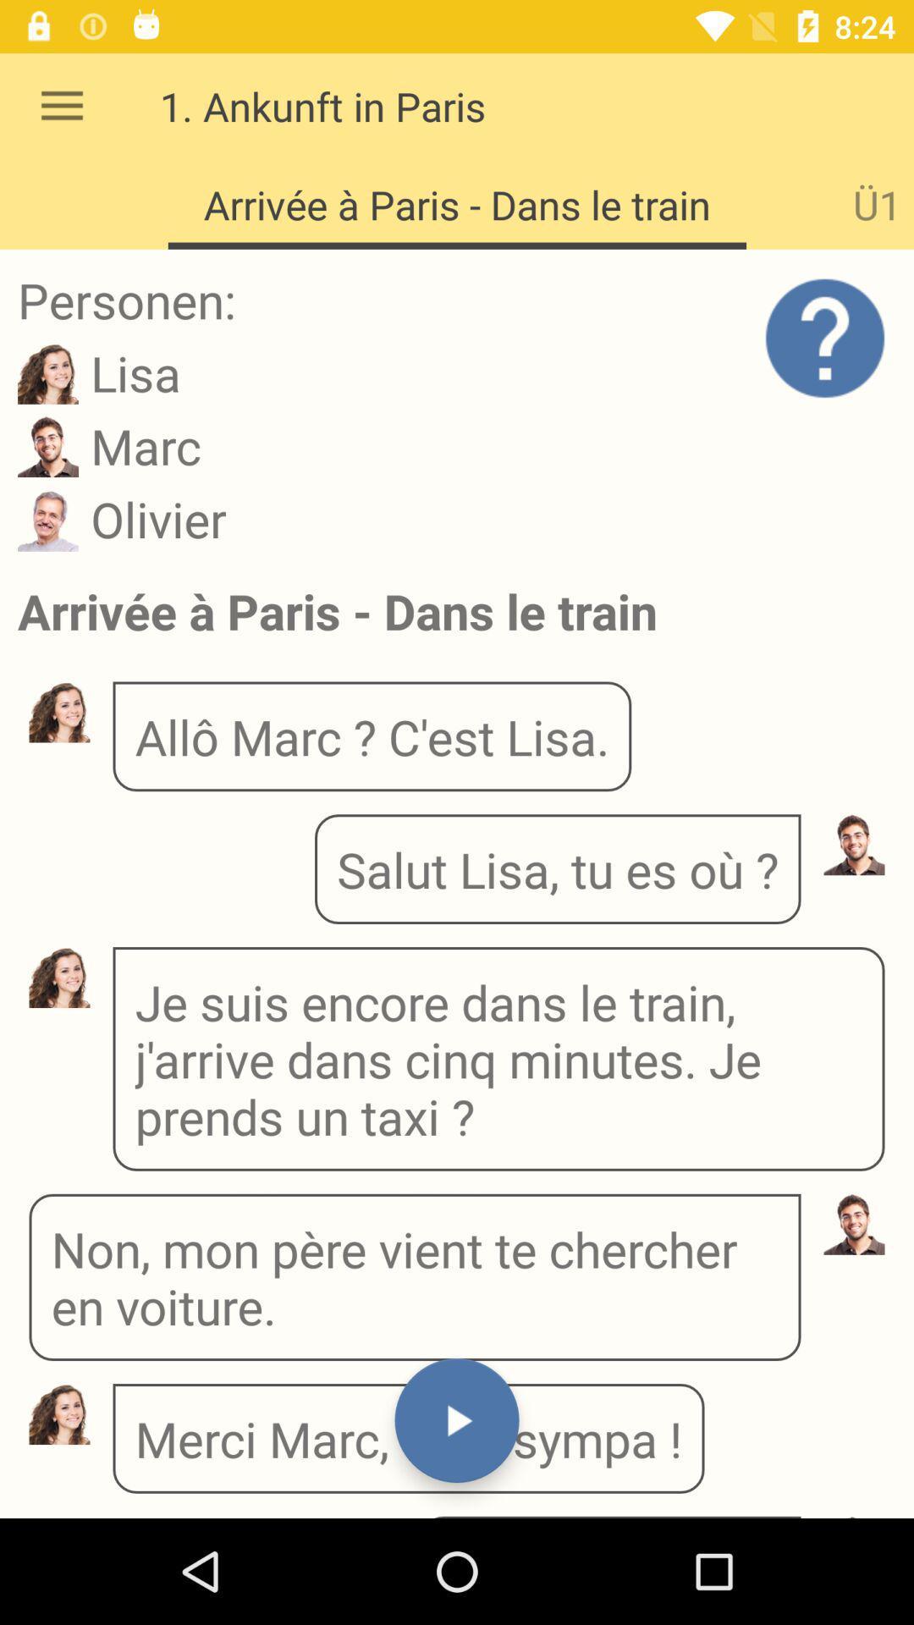  What do you see at coordinates (854, 845) in the screenshot?
I see `the avatar icon` at bounding box center [854, 845].